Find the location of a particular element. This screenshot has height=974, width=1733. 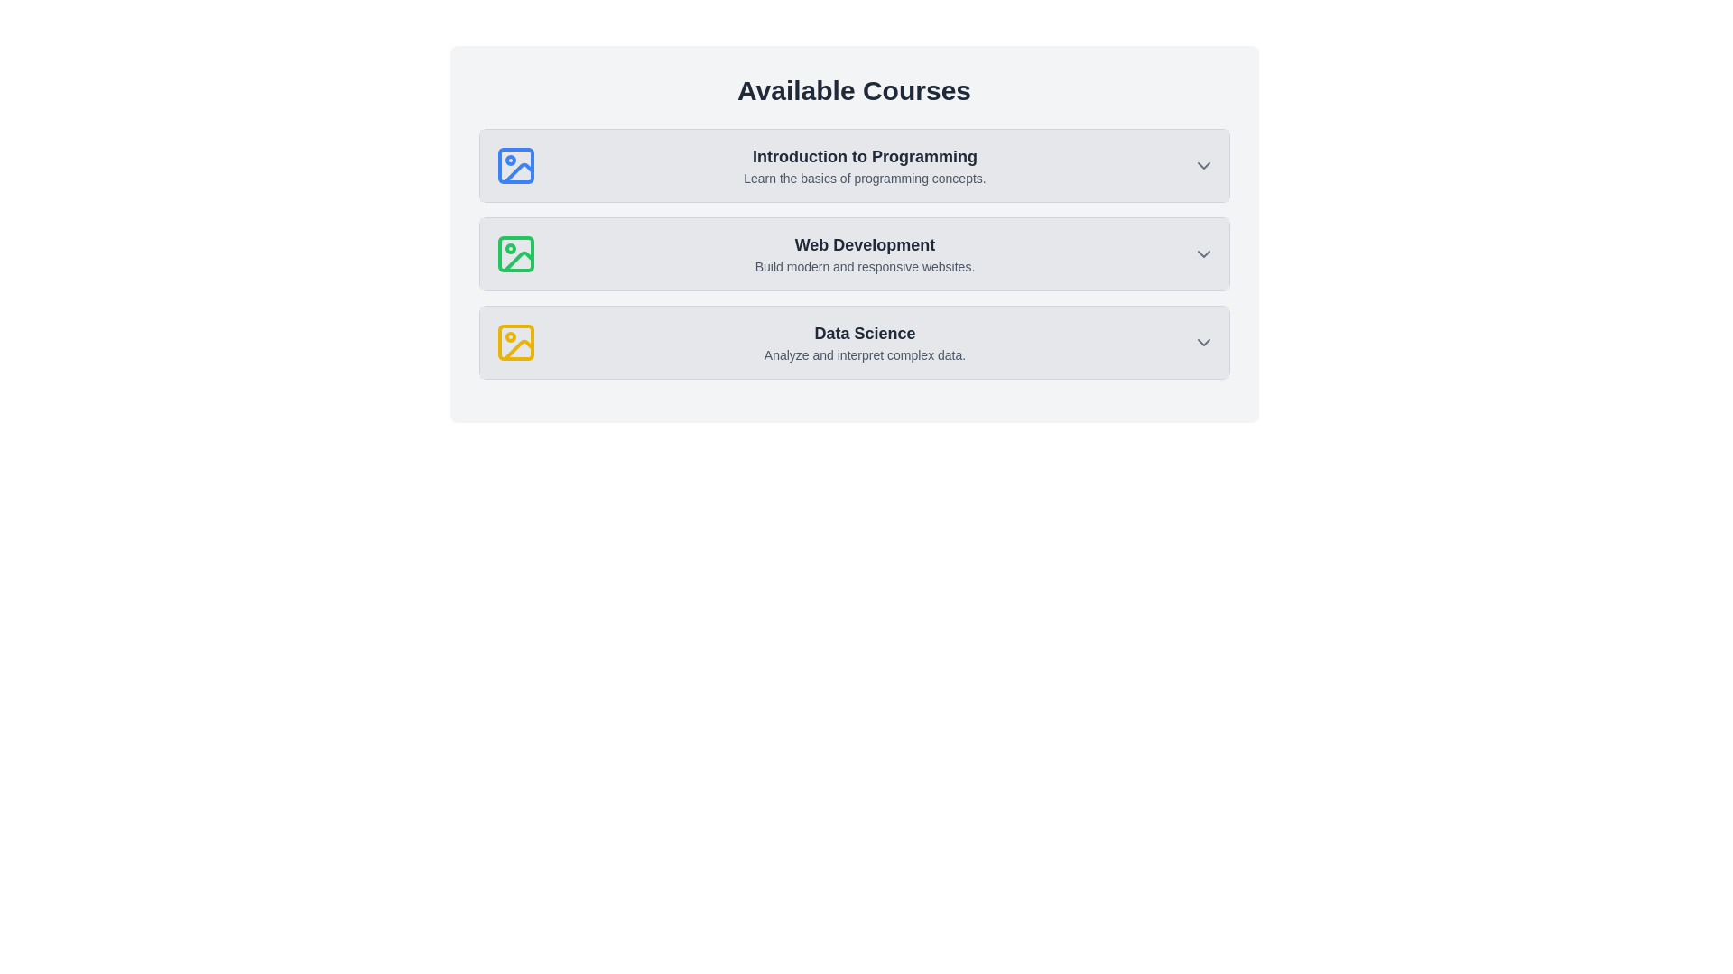

the chevron-down icon at the far right of the 'Introduction to Programming' card is located at coordinates (1203, 166).